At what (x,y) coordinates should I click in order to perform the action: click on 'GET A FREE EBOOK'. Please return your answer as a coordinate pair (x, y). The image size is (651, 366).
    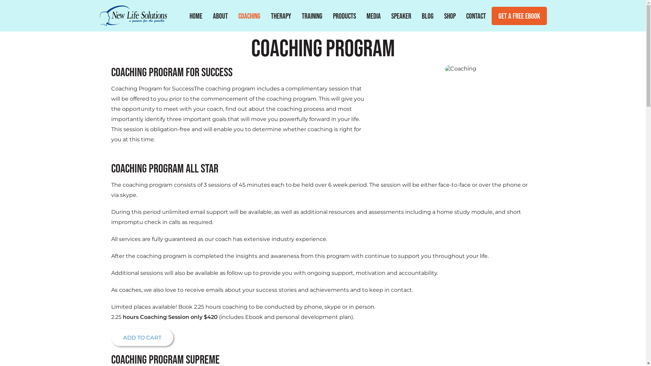
    Looking at the image, I should click on (491, 15).